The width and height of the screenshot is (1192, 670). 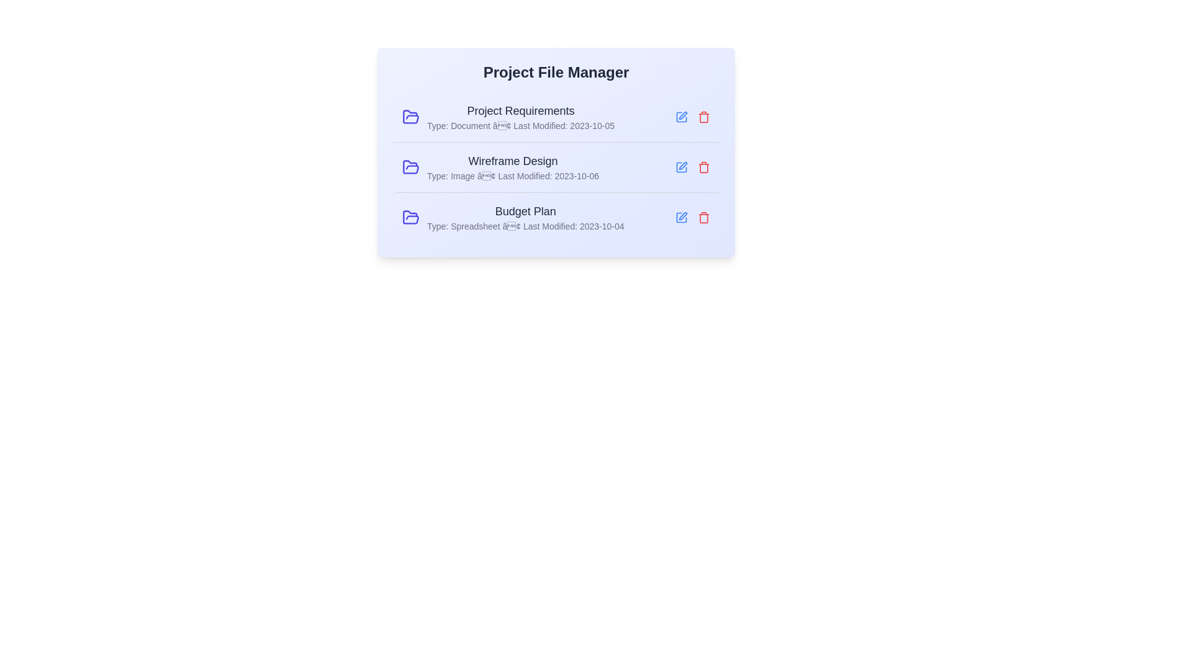 I want to click on the folder icon to open the file Budget Plan, so click(x=411, y=217).